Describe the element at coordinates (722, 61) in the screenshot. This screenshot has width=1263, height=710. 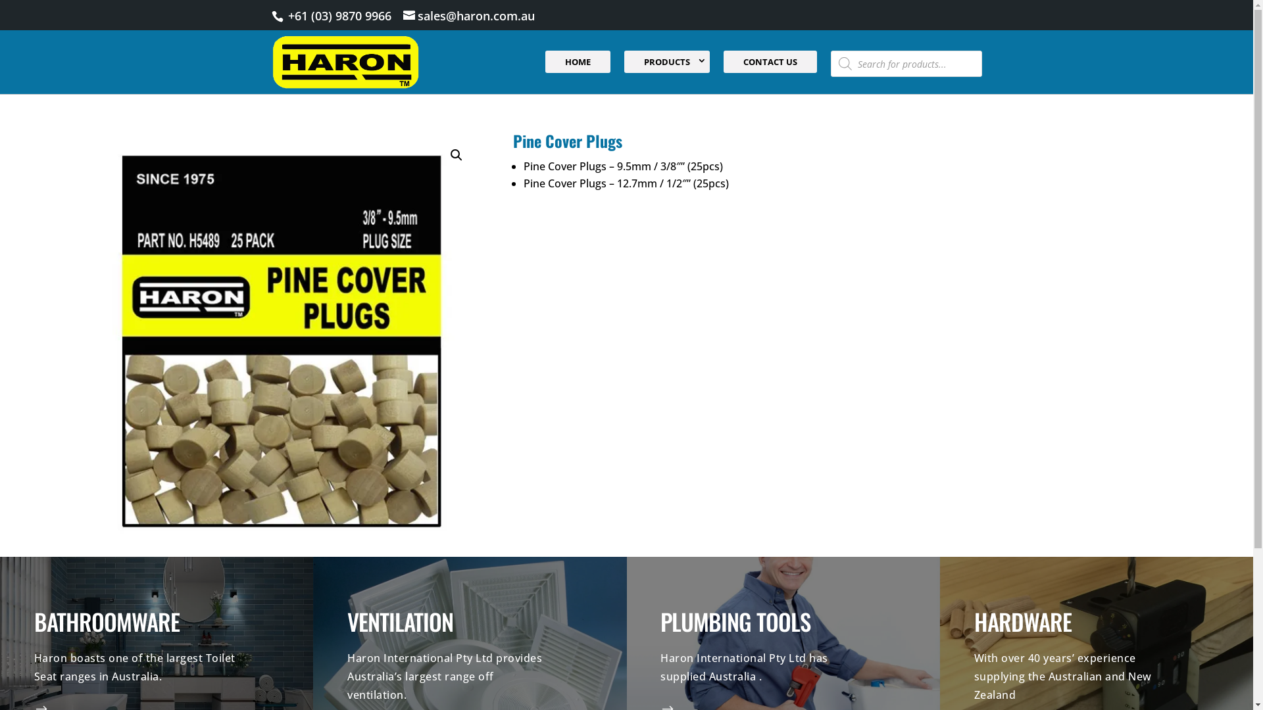
I see `'CONTACT US'` at that location.